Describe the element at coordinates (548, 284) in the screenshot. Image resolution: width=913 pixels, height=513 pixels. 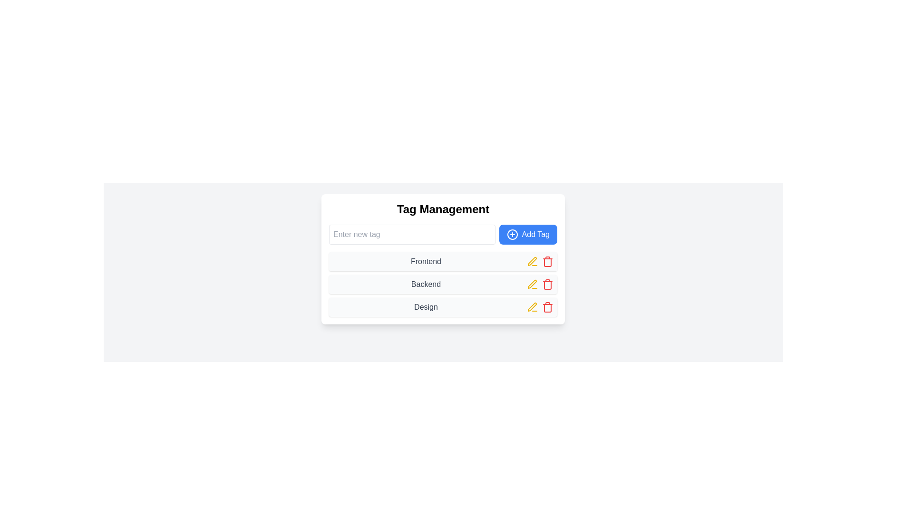
I see `the trash icon button located on the far right of the second row in the 'Tag Management' interface` at that location.